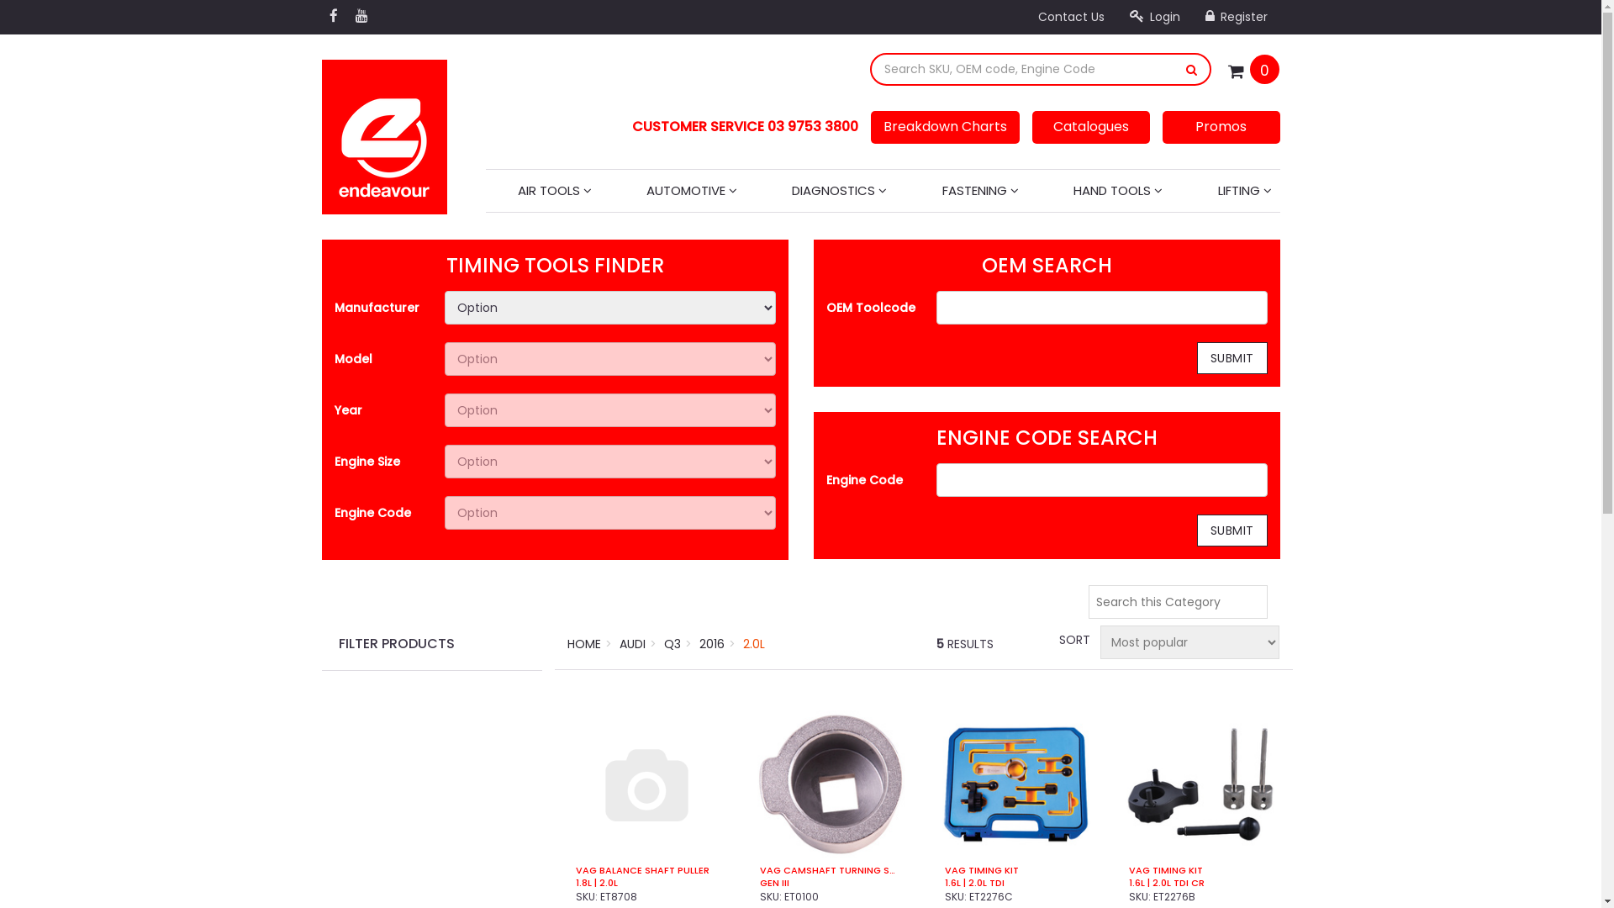 This screenshot has height=908, width=1614. I want to click on 'FASTENING', so click(980, 190).